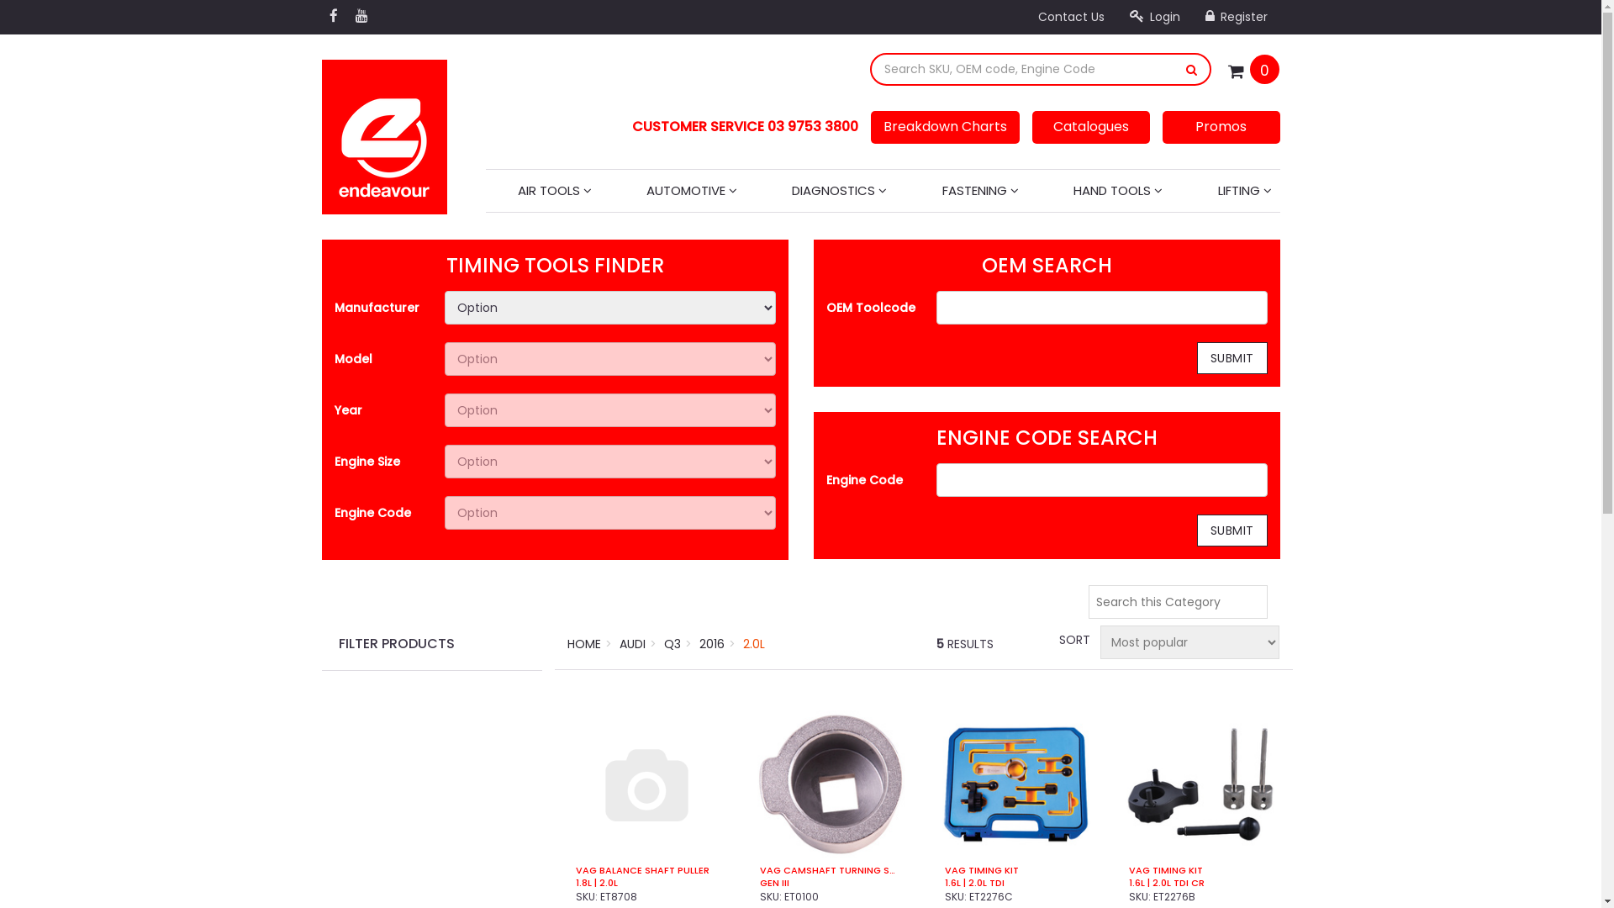 This screenshot has height=908, width=1614. I want to click on 'FASTENING', so click(980, 190).